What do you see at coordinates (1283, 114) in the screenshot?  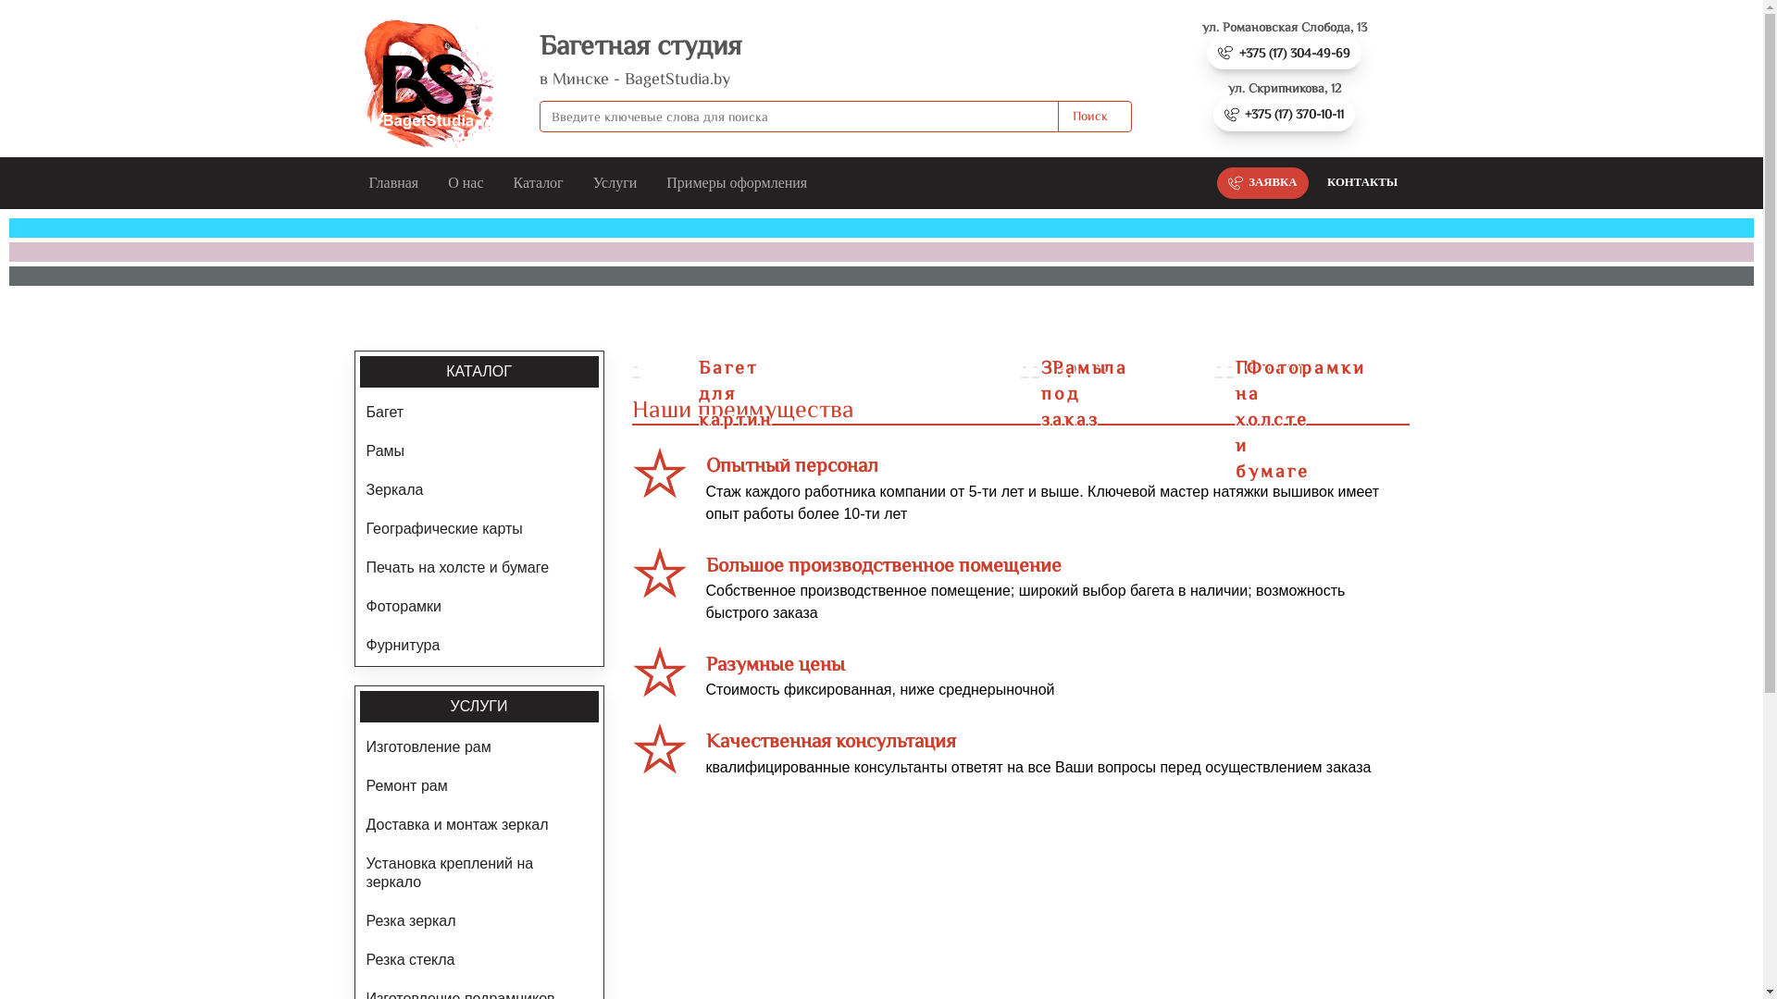 I see `'+375 (17) 370-10-11'` at bounding box center [1283, 114].